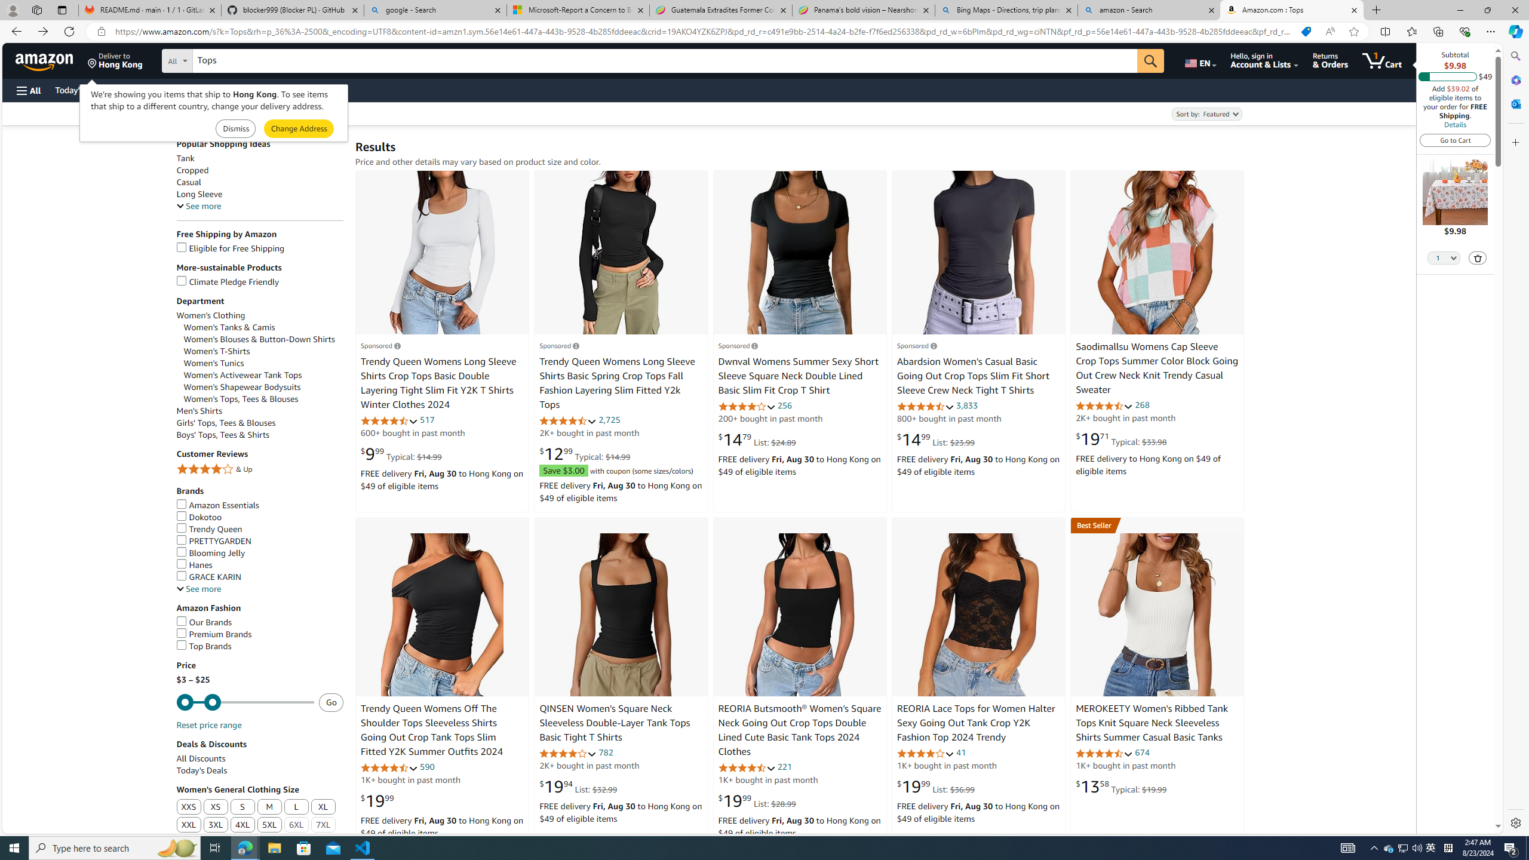  What do you see at coordinates (268, 825) in the screenshot?
I see `'5XL'` at bounding box center [268, 825].